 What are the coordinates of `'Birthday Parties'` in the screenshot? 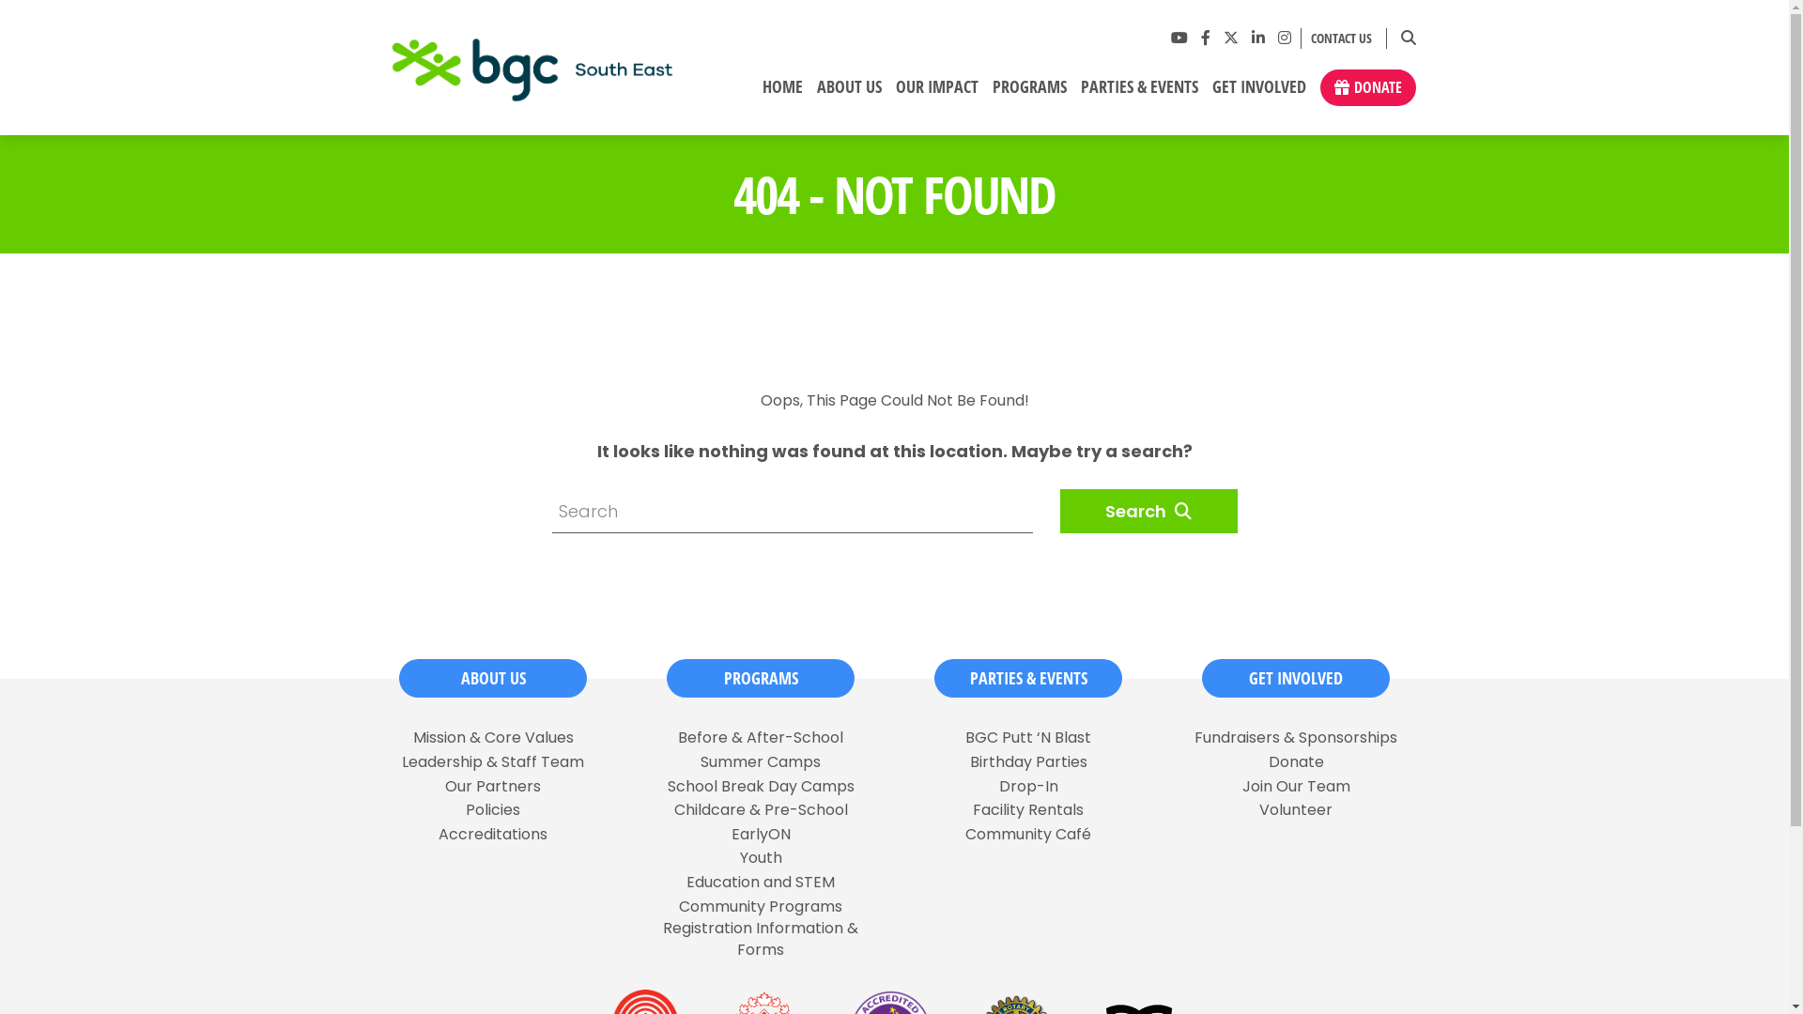 It's located at (1026, 762).